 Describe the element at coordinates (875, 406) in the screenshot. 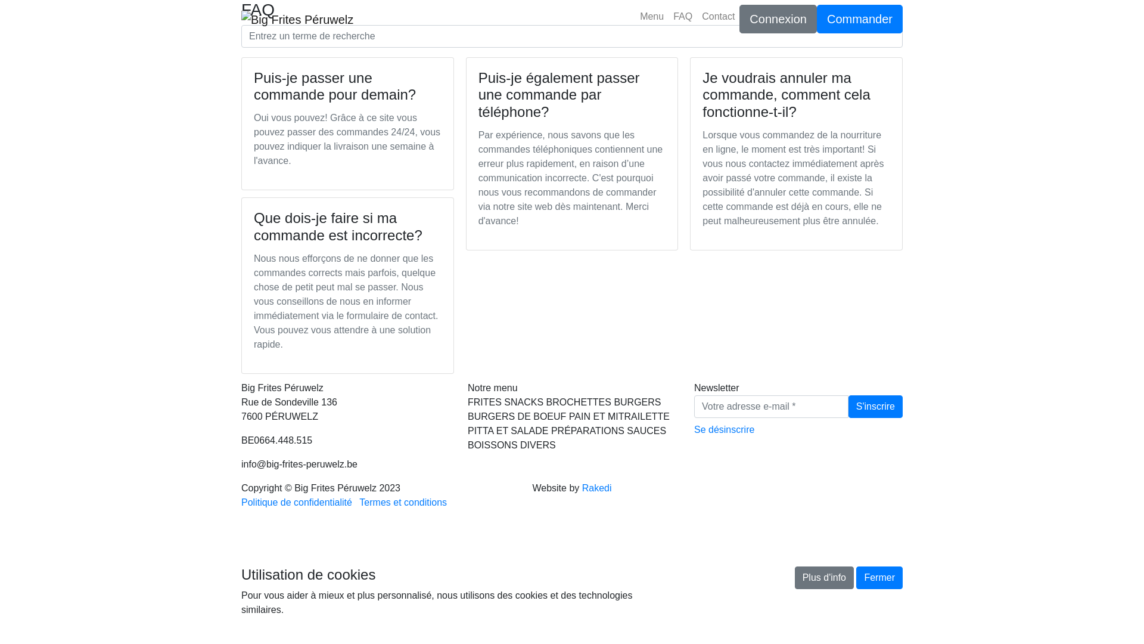

I see `'S'inscrire'` at that location.